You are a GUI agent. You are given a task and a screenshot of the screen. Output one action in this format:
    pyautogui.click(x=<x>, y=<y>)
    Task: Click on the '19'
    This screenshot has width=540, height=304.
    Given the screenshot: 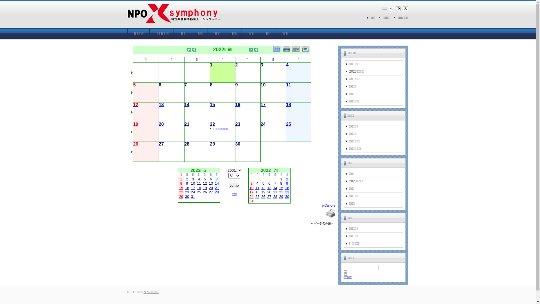 What is the action you would take?
    pyautogui.click(x=133, y=124)
    